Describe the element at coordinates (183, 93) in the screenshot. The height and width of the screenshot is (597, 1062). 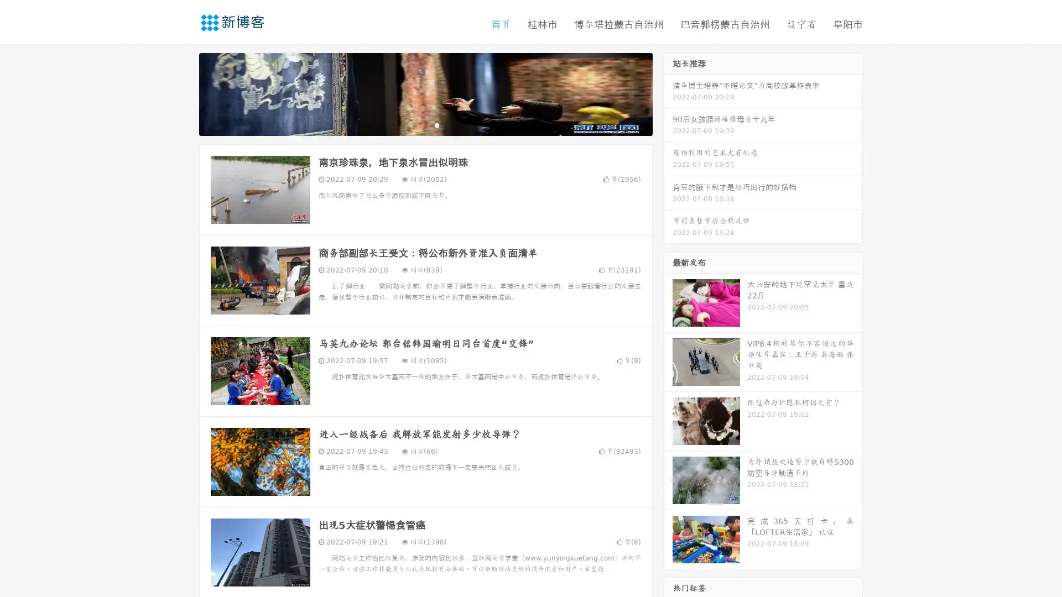
I see `Previous slide` at that location.